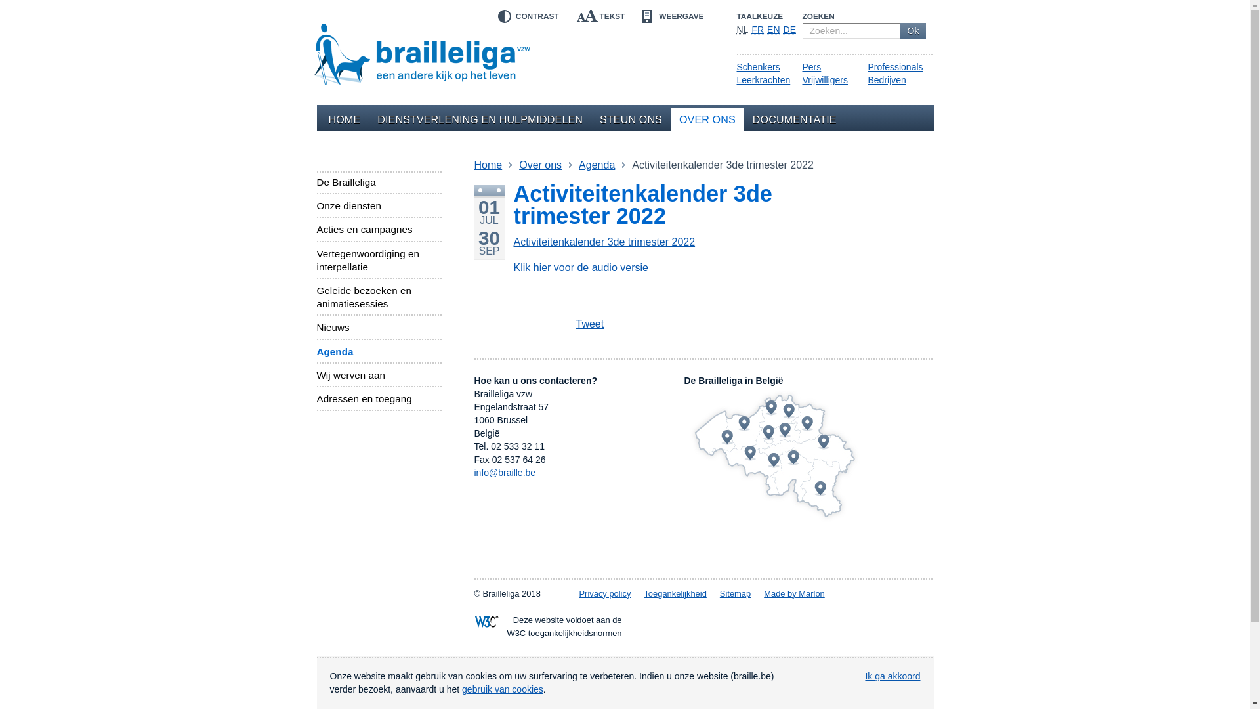  Describe the element at coordinates (377, 229) in the screenshot. I see `'Acties en campagnes'` at that location.